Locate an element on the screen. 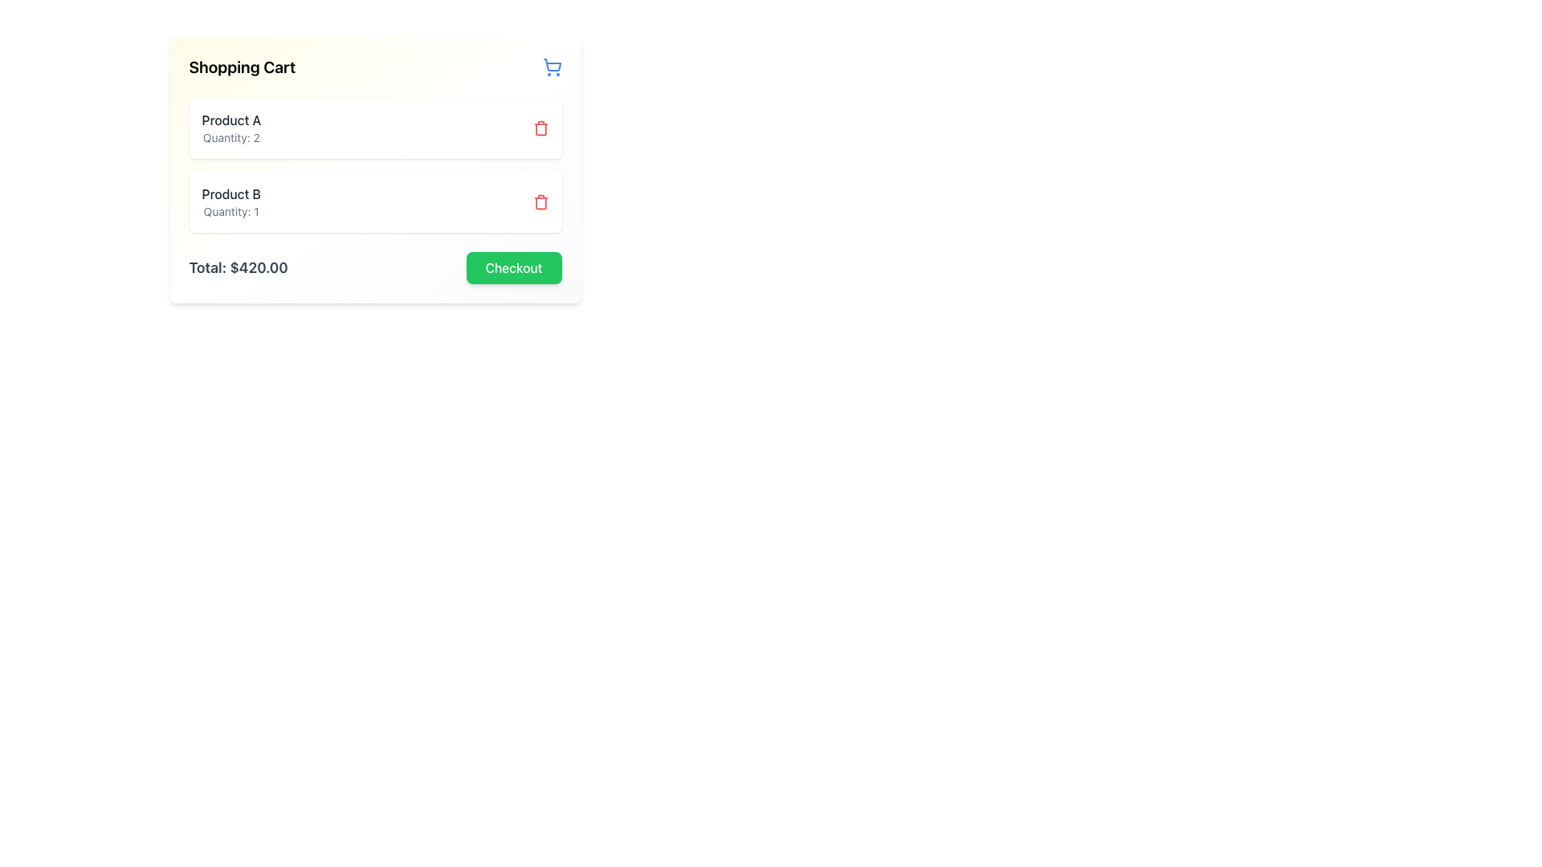  the remove button for 'Product B' in the shopping cart to possibly reveal additional information is located at coordinates (541, 201).